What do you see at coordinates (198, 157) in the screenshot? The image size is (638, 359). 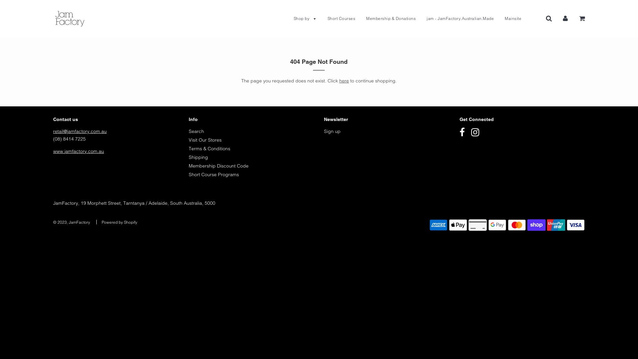 I see `'Shipping'` at bounding box center [198, 157].